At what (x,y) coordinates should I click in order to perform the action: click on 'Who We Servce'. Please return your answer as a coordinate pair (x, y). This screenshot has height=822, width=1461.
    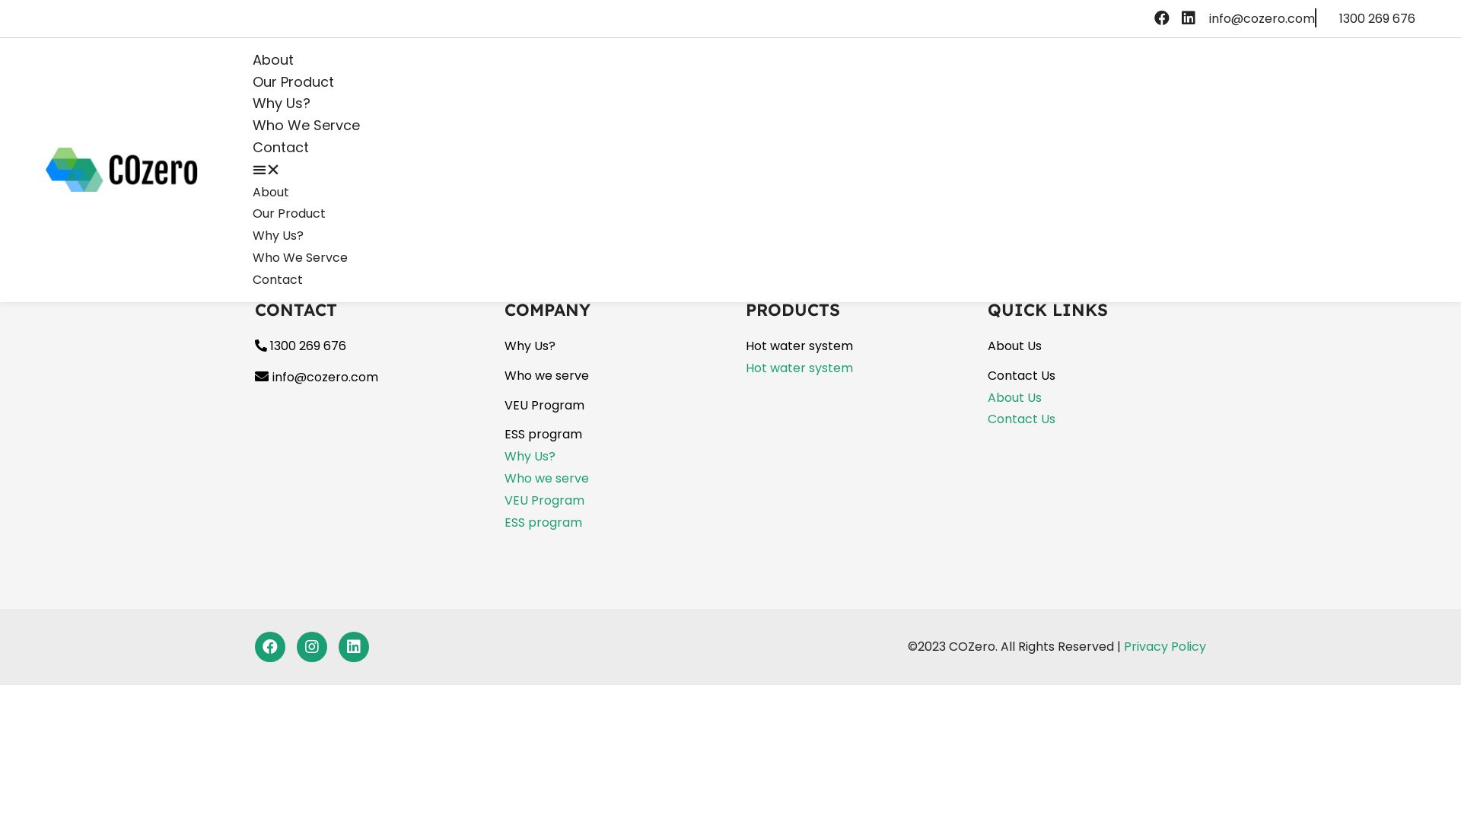
    Looking at the image, I should click on (305, 124).